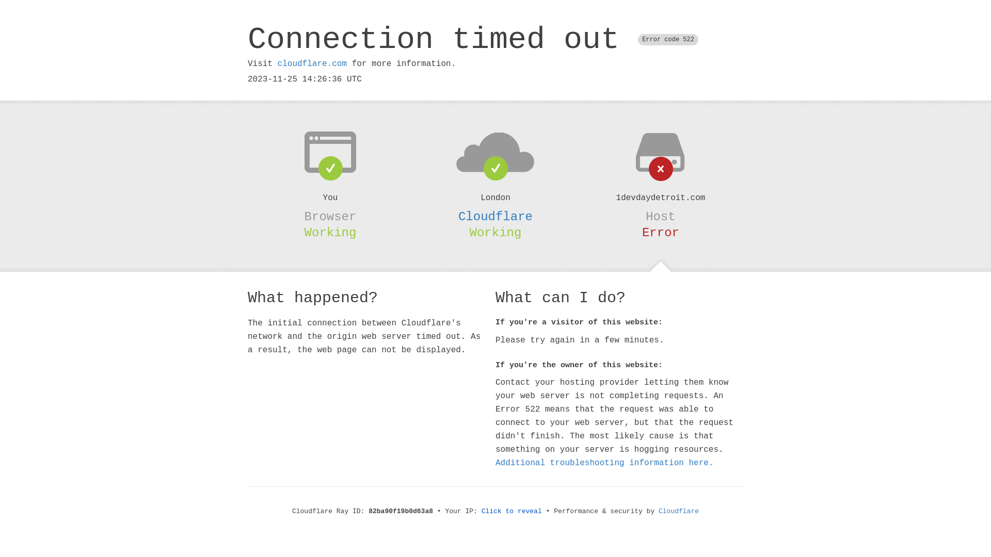 Image resolution: width=991 pixels, height=557 pixels. I want to click on 'Click to reveal', so click(512, 511).